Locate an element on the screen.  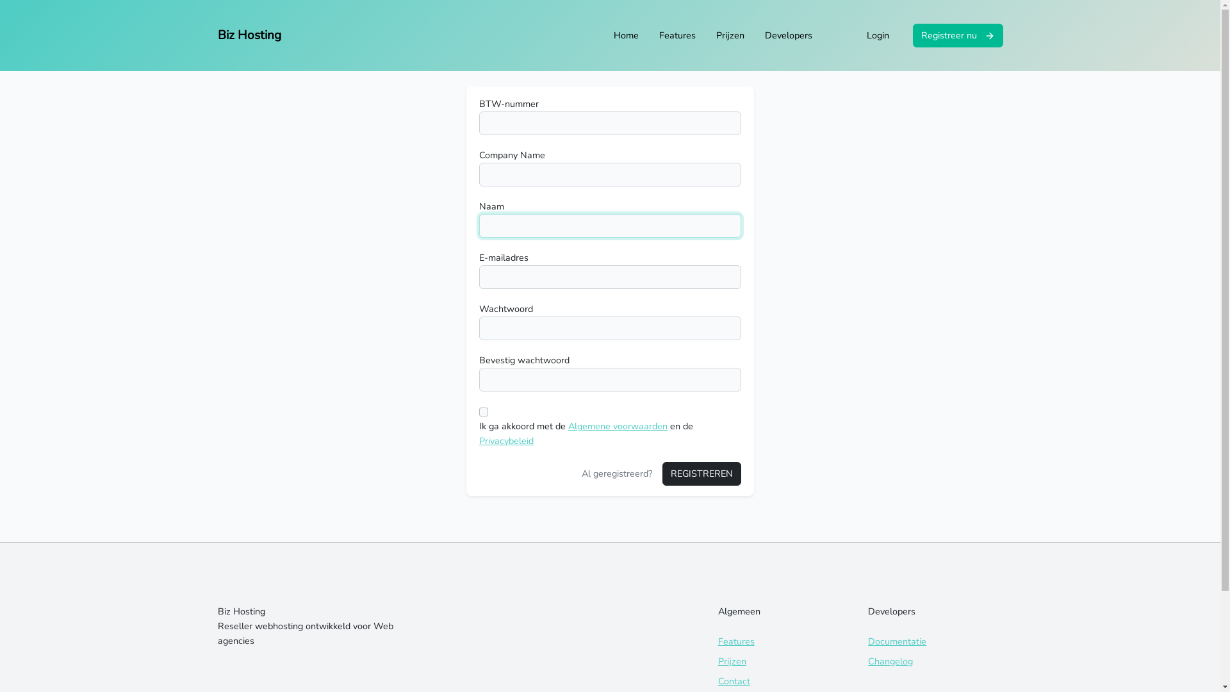
'Privacybeleid' is located at coordinates (505, 440).